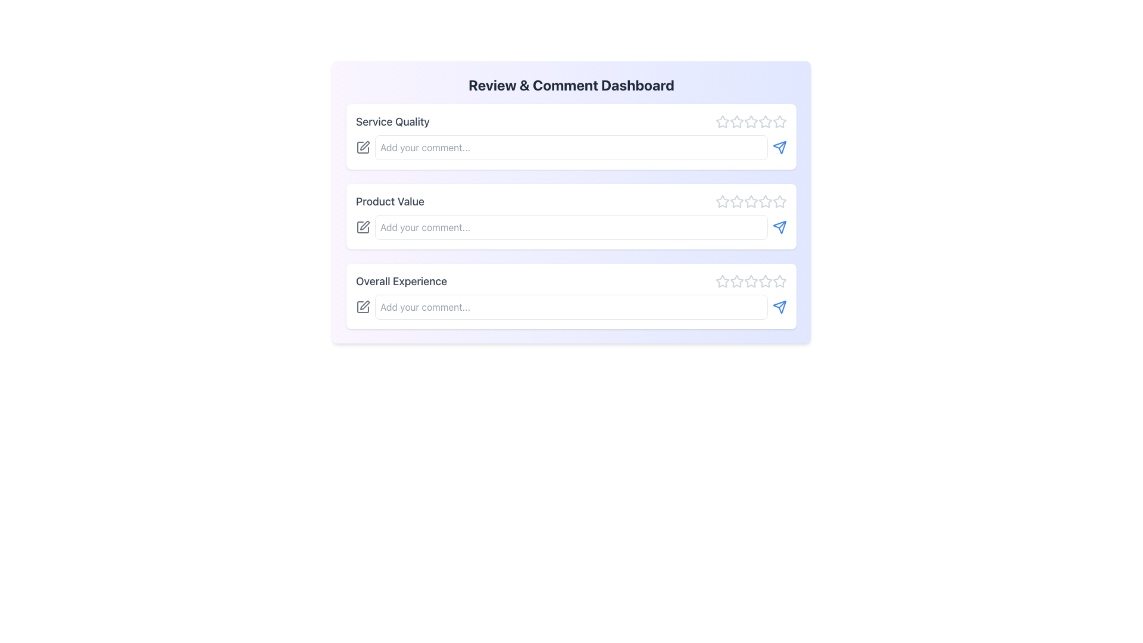 The width and height of the screenshot is (1143, 643). I want to click on to select a star rating in the centrally positioned 'Product Value' review section, so click(571, 201).